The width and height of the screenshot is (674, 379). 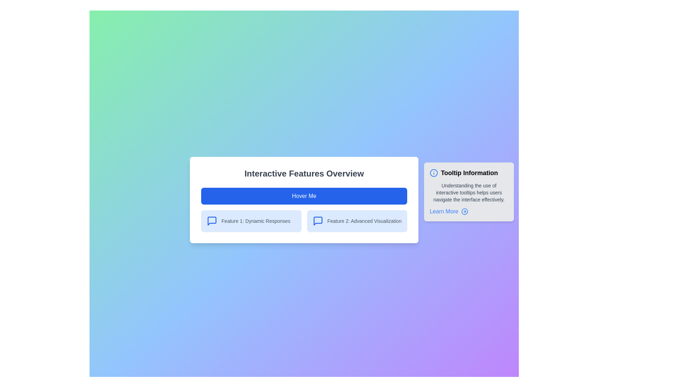 I want to click on the informational item labeled 'Feature 1: Dynamic Responses', located in the first column of the two-column grid layout beneath the header 'Interactive Features Overview', so click(x=251, y=220).